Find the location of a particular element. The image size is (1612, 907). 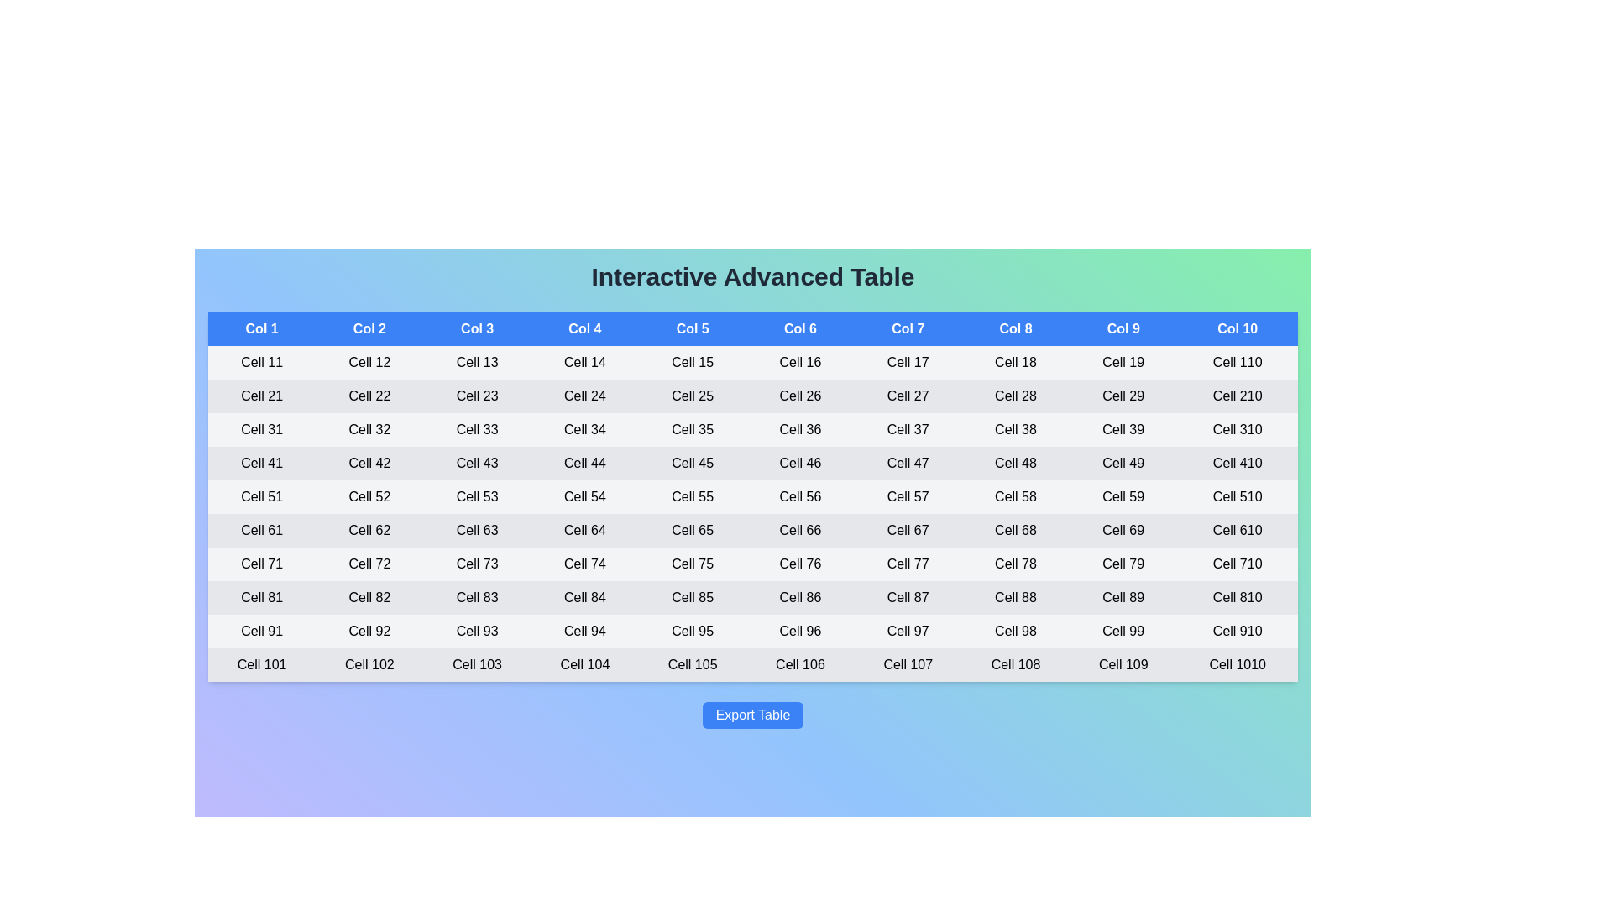

the cell labeled 'Cell 11' to highlight its text is located at coordinates (261, 362).